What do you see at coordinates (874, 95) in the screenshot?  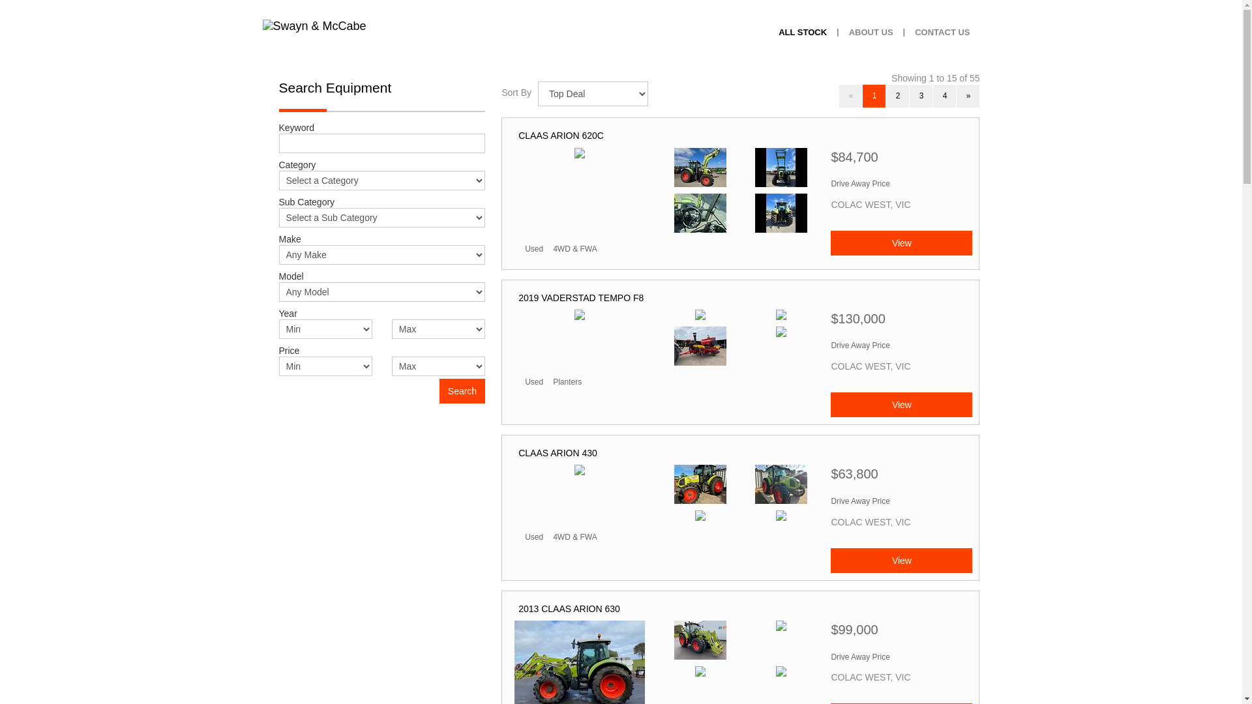 I see `'1'` at bounding box center [874, 95].